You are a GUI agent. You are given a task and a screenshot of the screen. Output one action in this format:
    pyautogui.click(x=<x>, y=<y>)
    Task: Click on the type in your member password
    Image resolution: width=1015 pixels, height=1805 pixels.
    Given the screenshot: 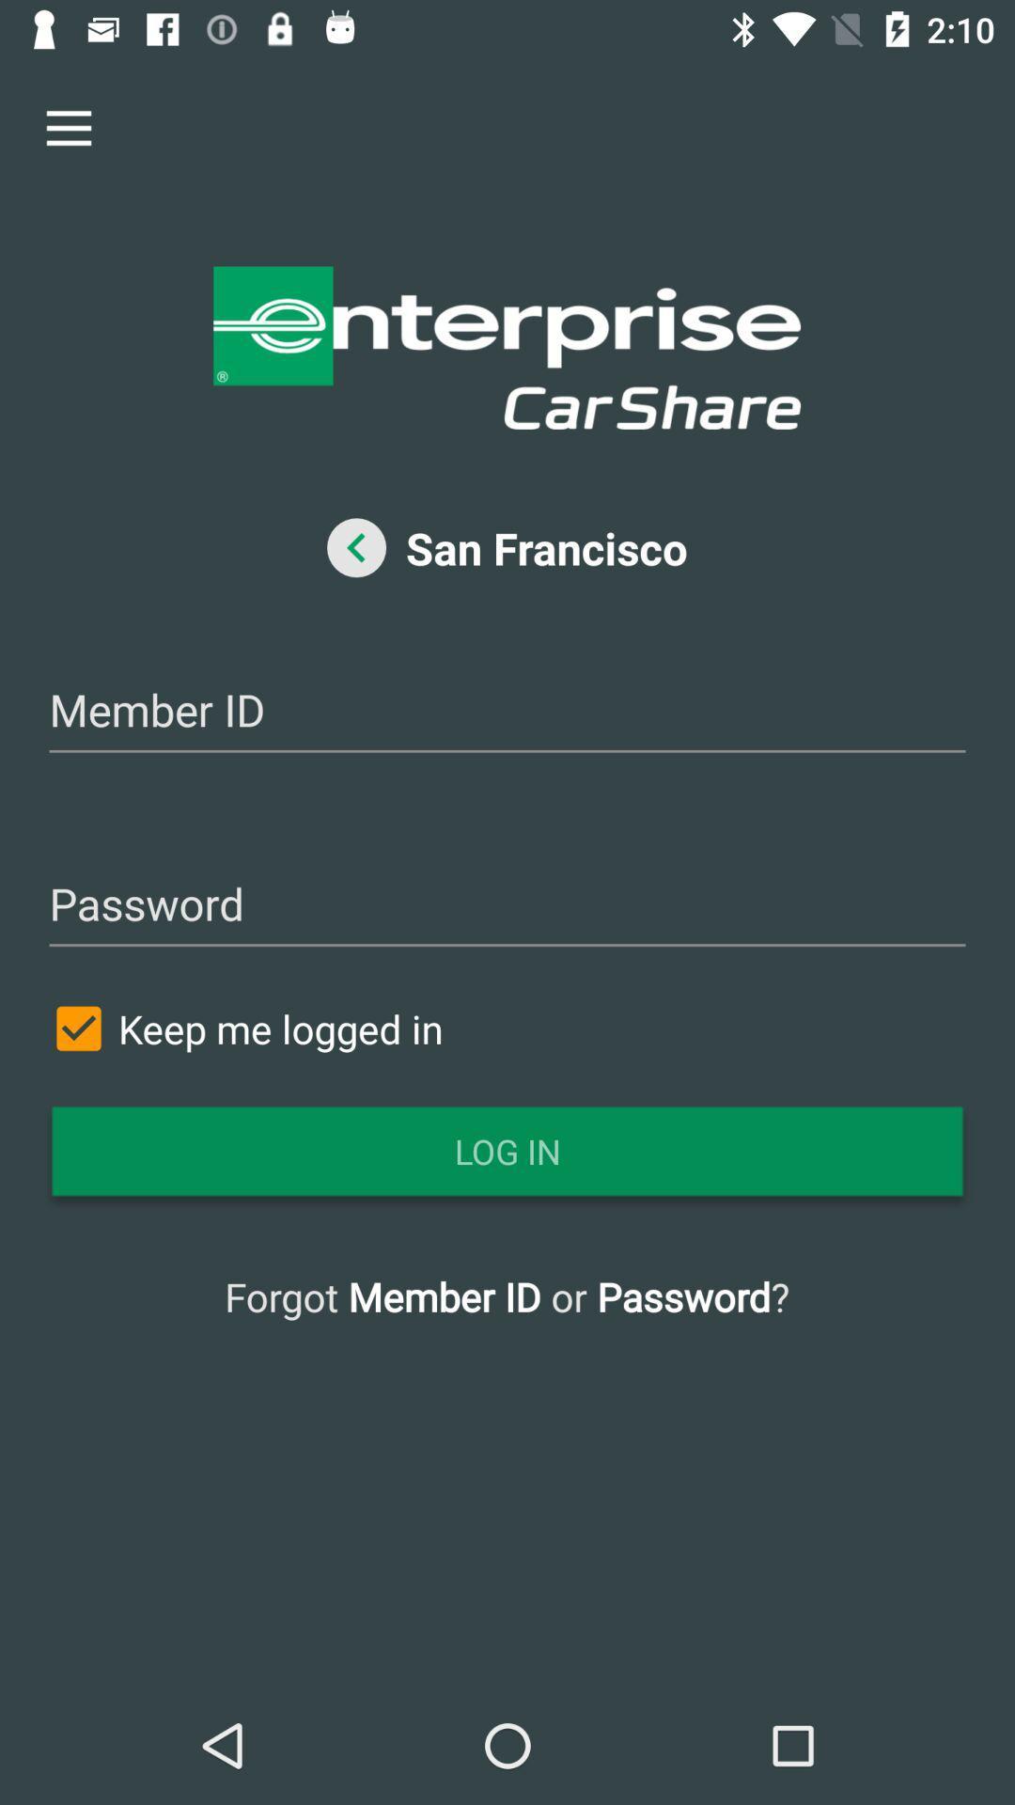 What is the action you would take?
    pyautogui.click(x=507, y=906)
    